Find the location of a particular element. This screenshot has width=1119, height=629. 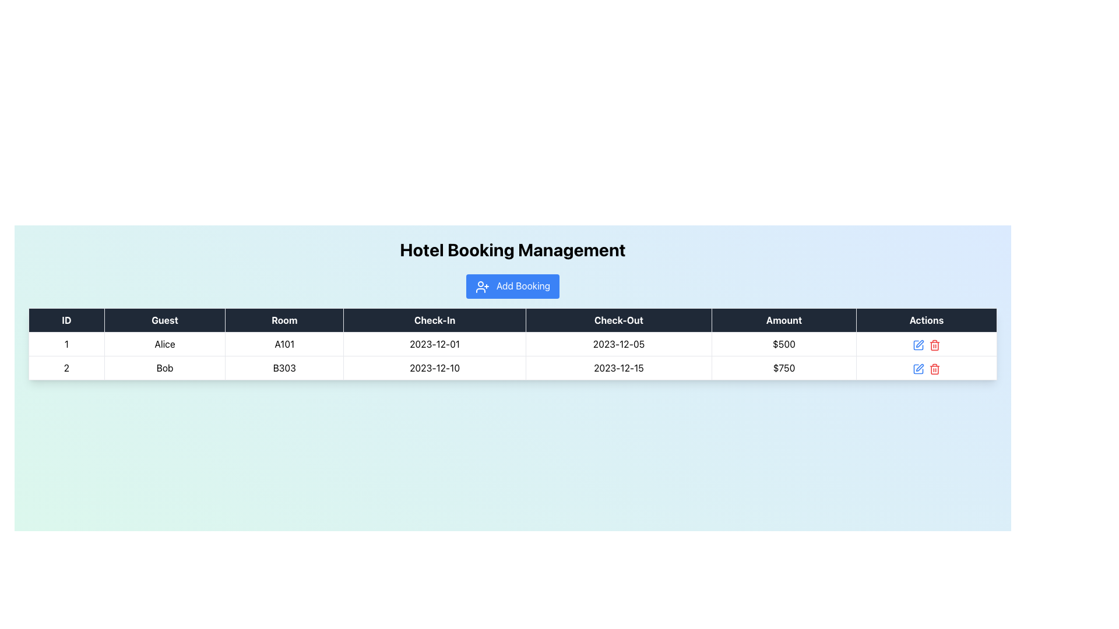

the date element displayed as '2023-12-05' in the fourth column of the table under the 'Check-Out' header for the entry labeled 'Alice' is located at coordinates (618, 343).